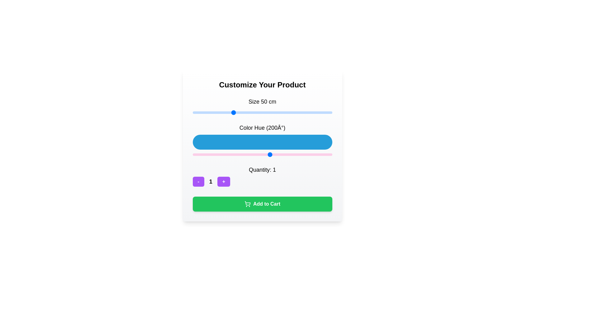 The image size is (598, 336). What do you see at coordinates (273, 154) in the screenshot?
I see `the color hue` at bounding box center [273, 154].